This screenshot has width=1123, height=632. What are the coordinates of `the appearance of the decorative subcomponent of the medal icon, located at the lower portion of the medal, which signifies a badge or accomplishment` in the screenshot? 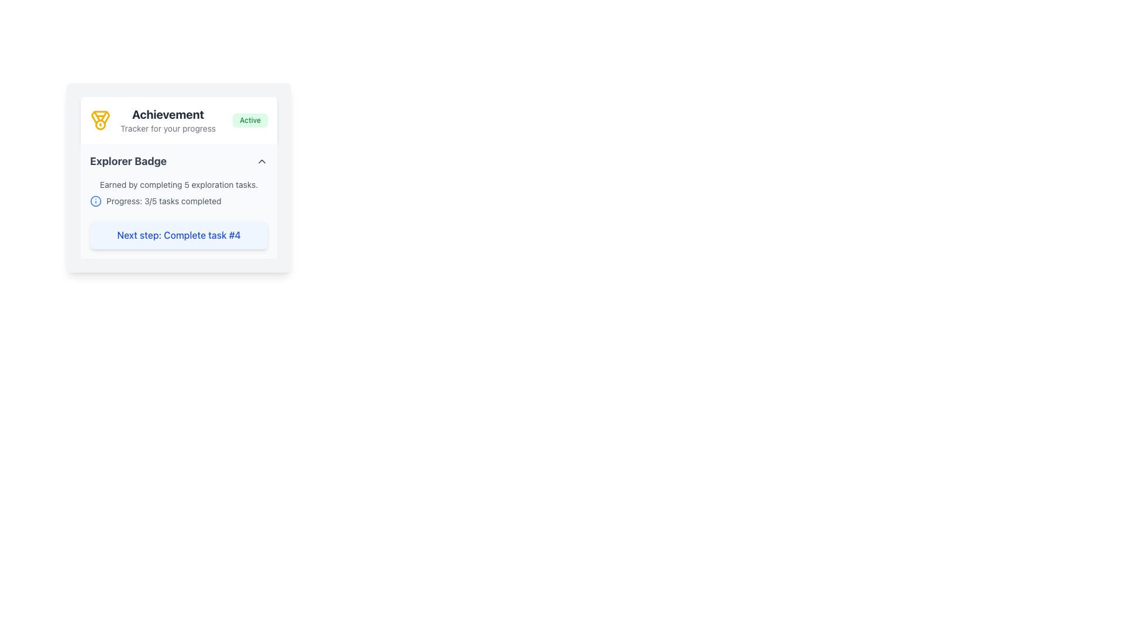 It's located at (101, 117).